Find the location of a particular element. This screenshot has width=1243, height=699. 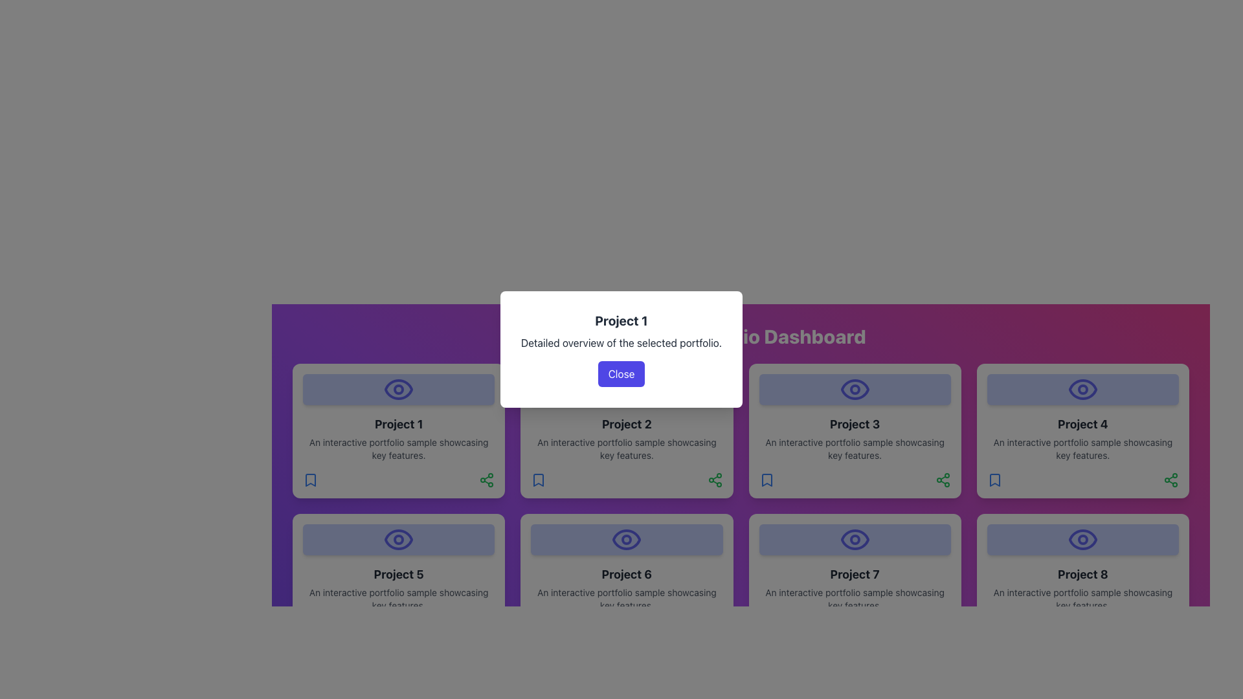

the vibrant indigo eye icon located at the top section of the 'Project 4' card in the second row, second column of the grid layout is located at coordinates (1082, 388).